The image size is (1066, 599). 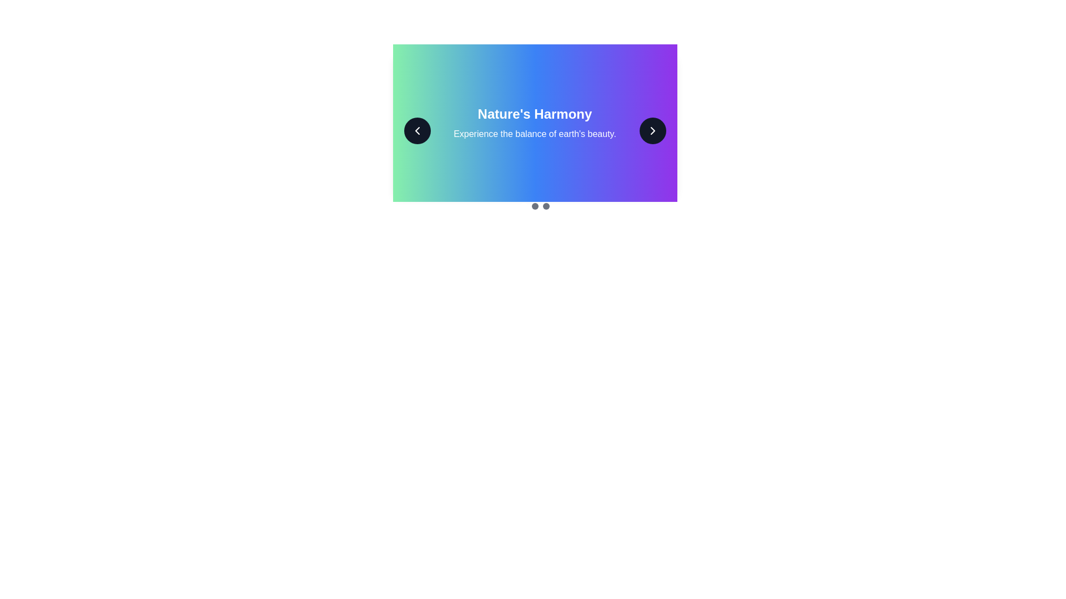 What do you see at coordinates (416, 130) in the screenshot?
I see `the left navigation button adjacent to the text 'Nature's Harmony'` at bounding box center [416, 130].